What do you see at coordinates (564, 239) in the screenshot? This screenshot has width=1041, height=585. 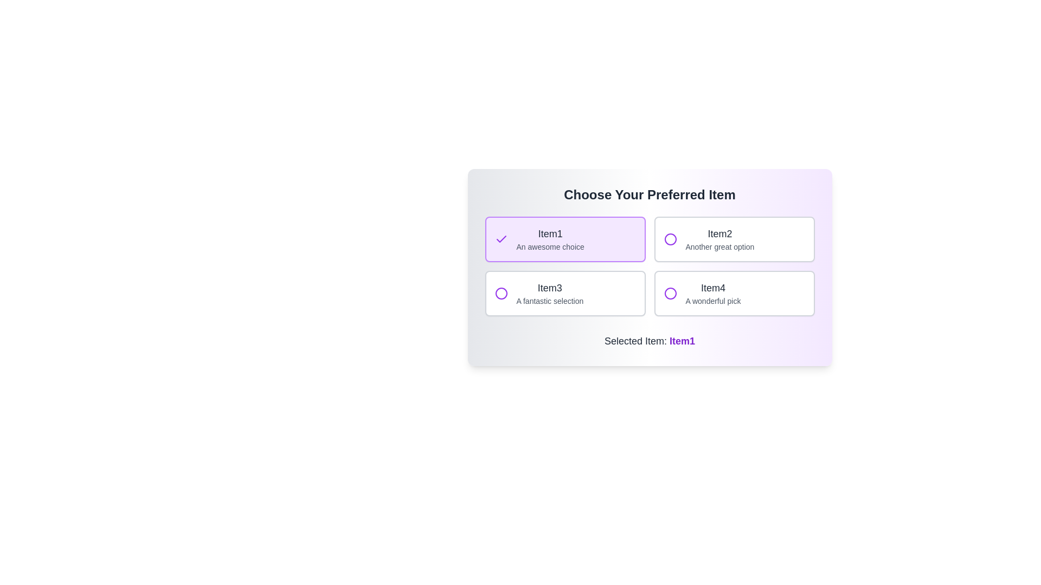 I see `the 'Item1' button located in the top-left quadrant of the grid layout` at bounding box center [564, 239].